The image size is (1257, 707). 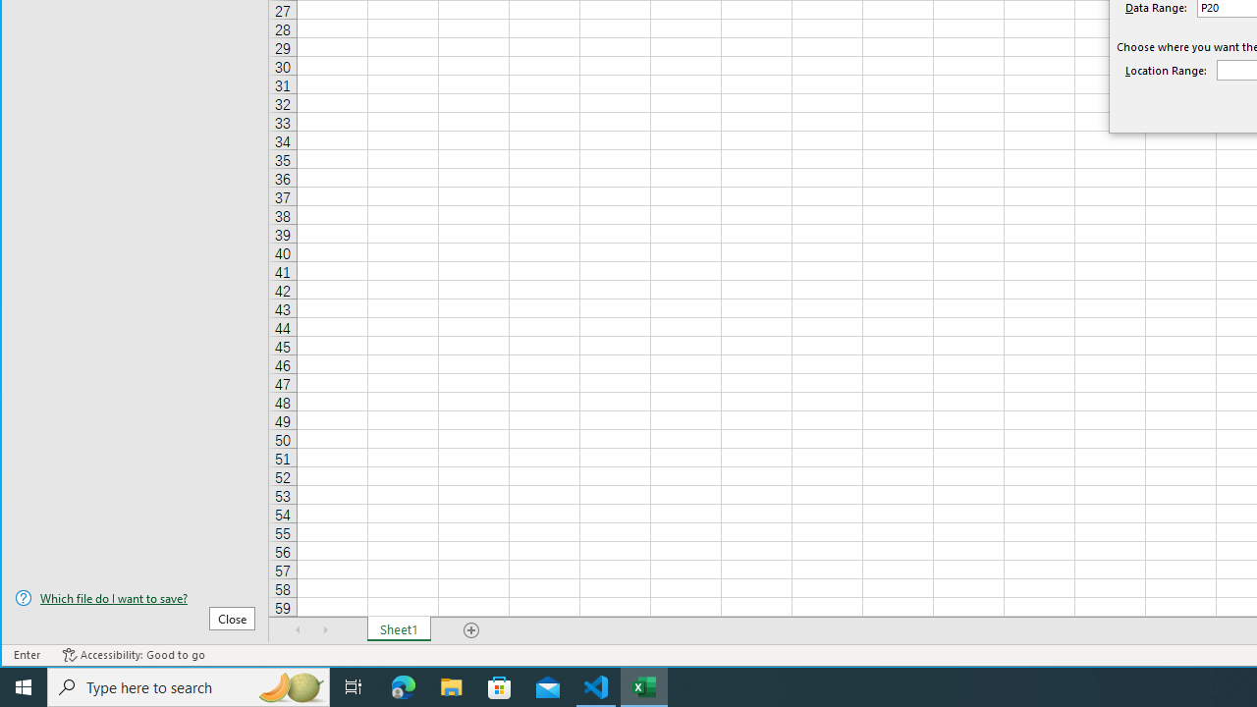 What do you see at coordinates (472, 629) in the screenshot?
I see `'Add Sheet'` at bounding box center [472, 629].